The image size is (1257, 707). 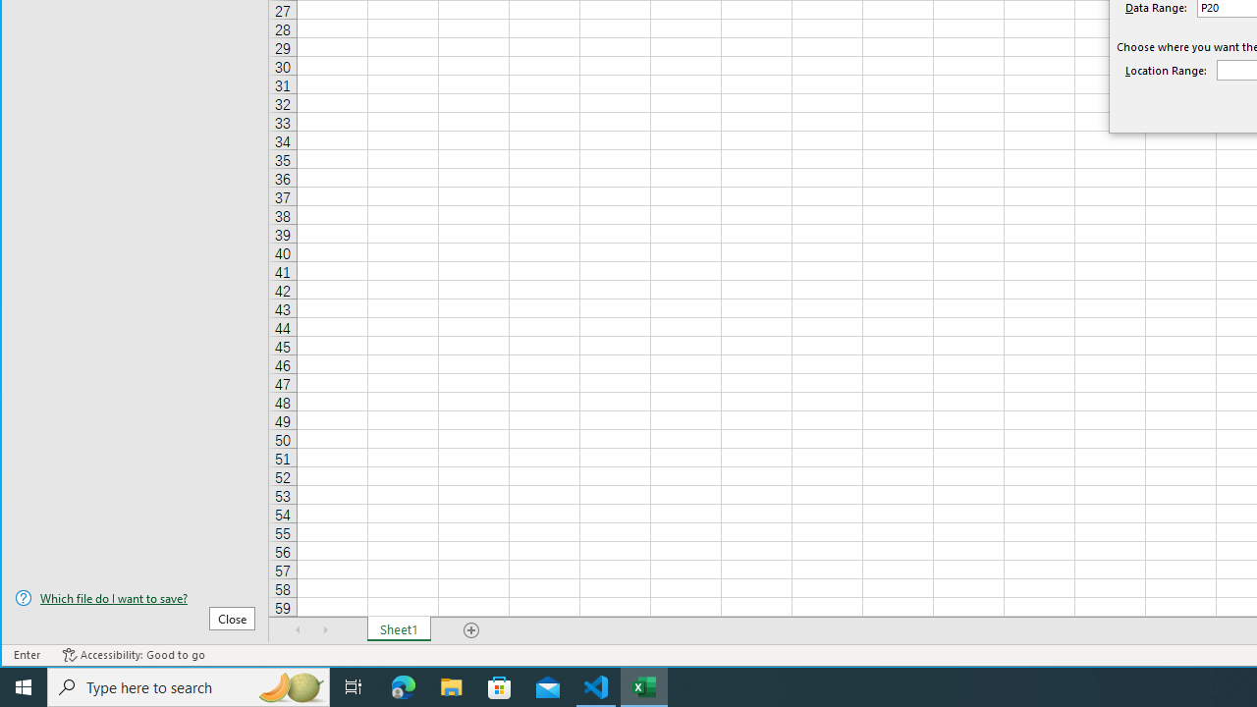 What do you see at coordinates (472, 629) in the screenshot?
I see `'Add Sheet'` at bounding box center [472, 629].